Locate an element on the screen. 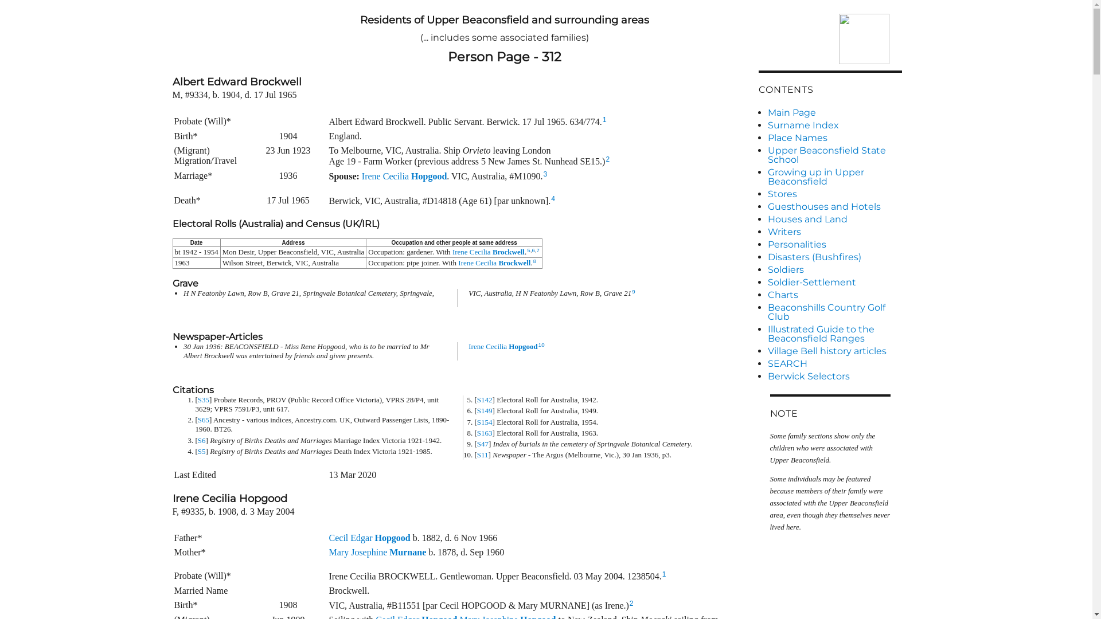 The width and height of the screenshot is (1101, 619). 'Cecil Edgar Hopgood' is located at coordinates (369, 538).